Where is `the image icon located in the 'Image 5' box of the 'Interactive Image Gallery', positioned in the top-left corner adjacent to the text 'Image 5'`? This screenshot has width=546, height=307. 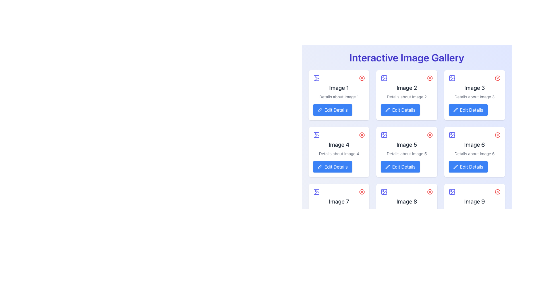 the image icon located in the 'Image 5' box of the 'Interactive Image Gallery', positioned in the top-left corner adjacent to the text 'Image 5' is located at coordinates (384, 135).